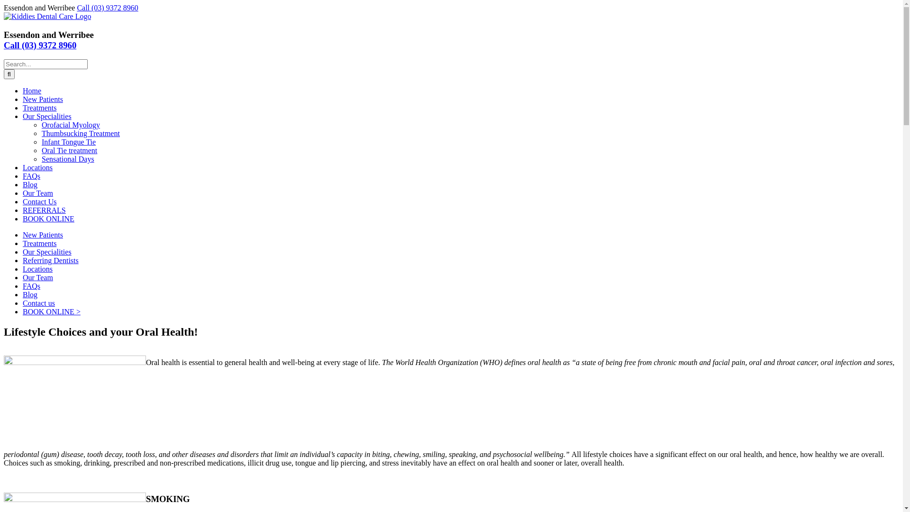  Describe the element at coordinates (46, 116) in the screenshot. I see `'Our Specialities'` at that location.